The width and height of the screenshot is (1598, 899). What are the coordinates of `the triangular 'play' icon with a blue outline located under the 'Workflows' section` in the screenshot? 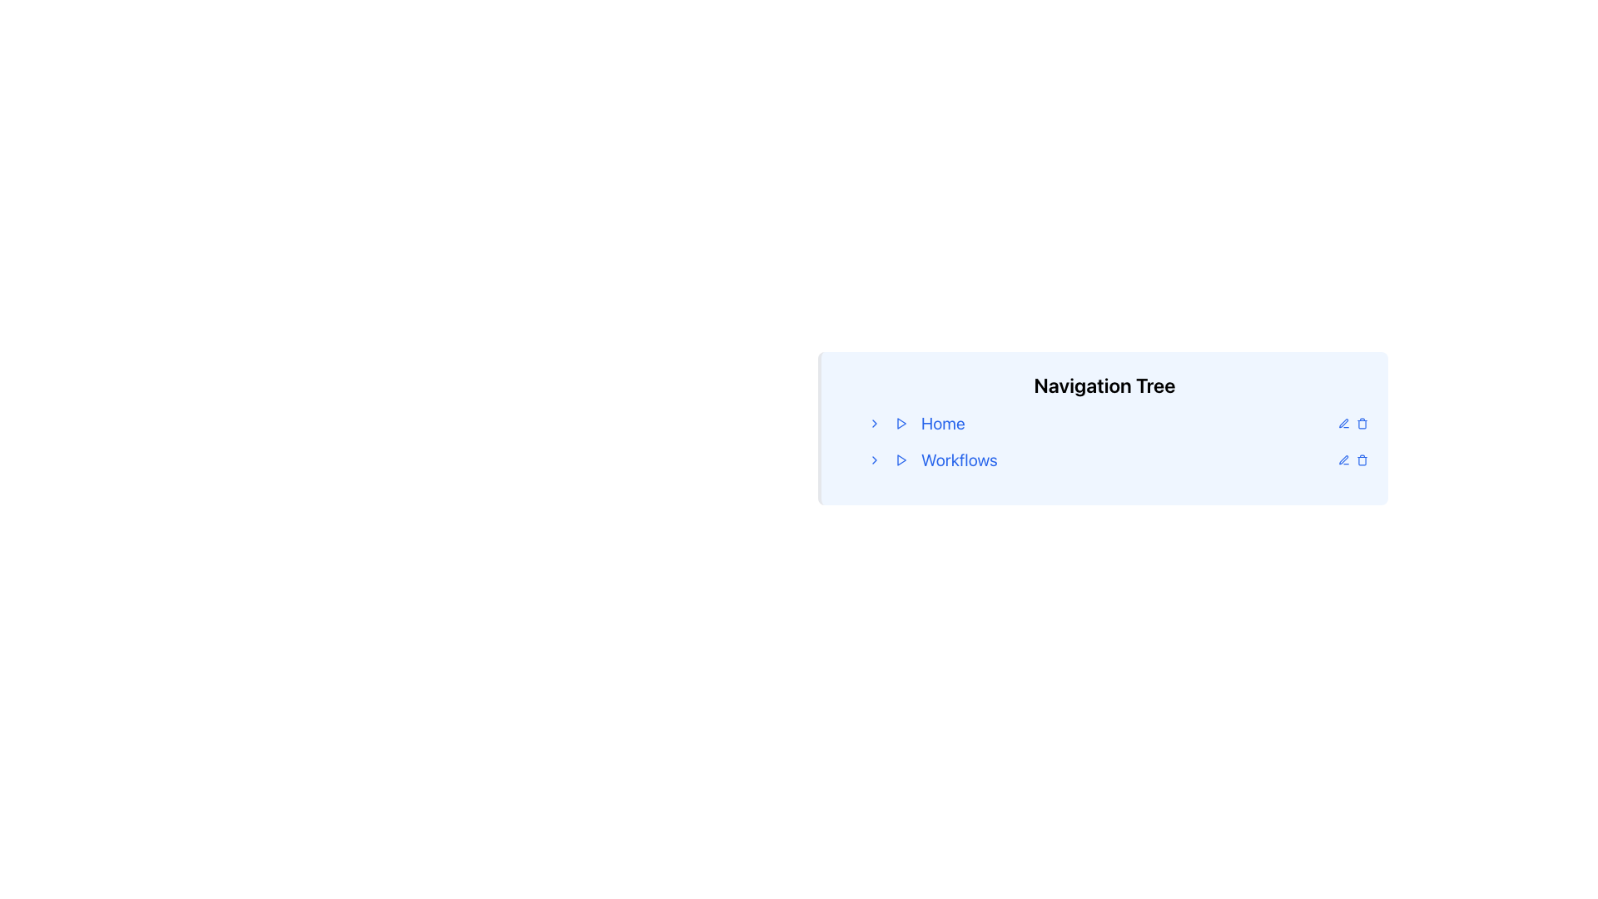 It's located at (901, 459).